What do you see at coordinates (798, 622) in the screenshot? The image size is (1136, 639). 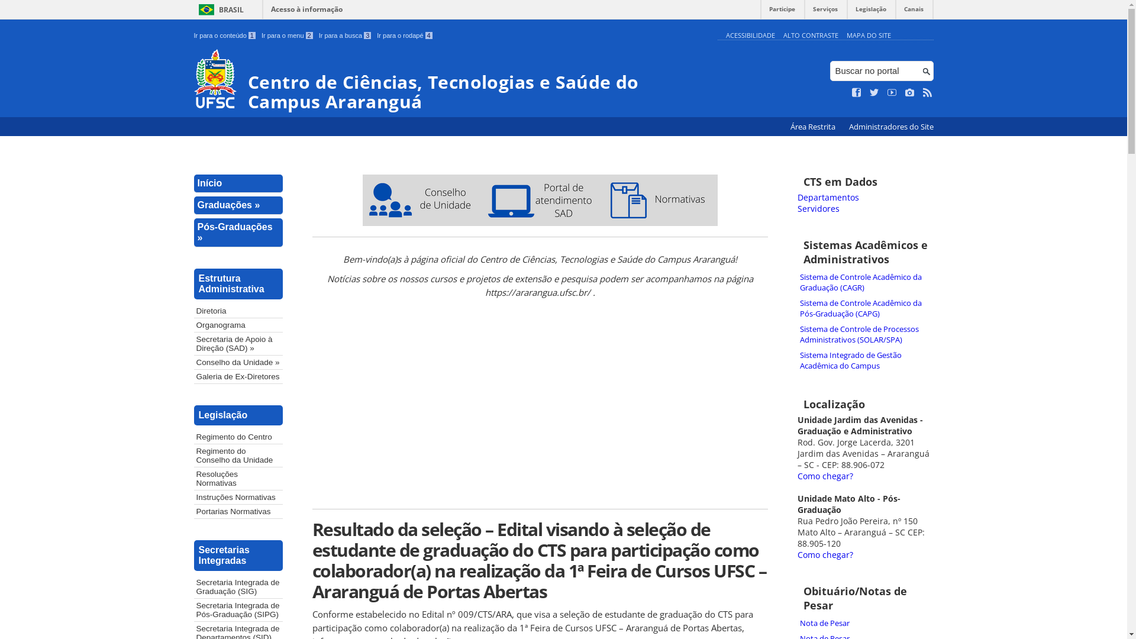 I see `'Nota de Pesar'` at bounding box center [798, 622].